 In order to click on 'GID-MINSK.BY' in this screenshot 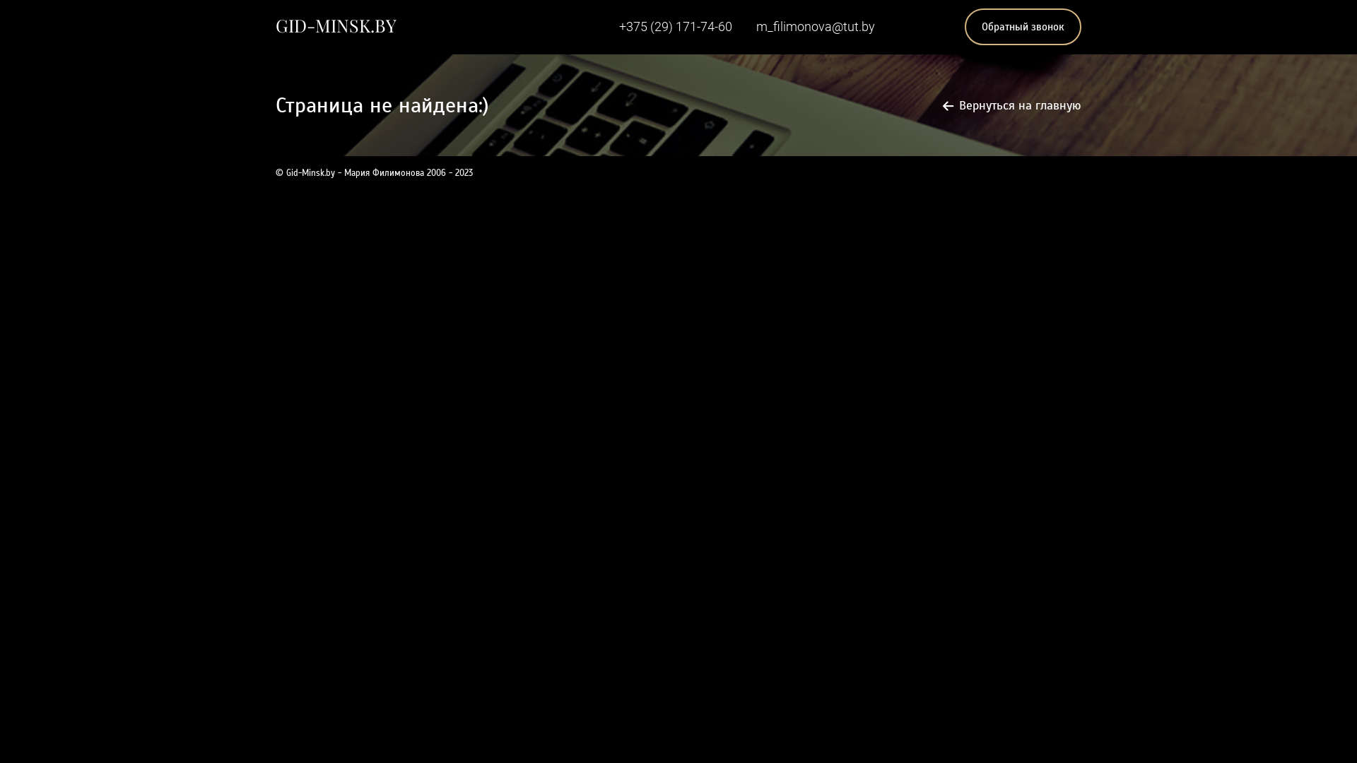, I will do `click(335, 25)`.